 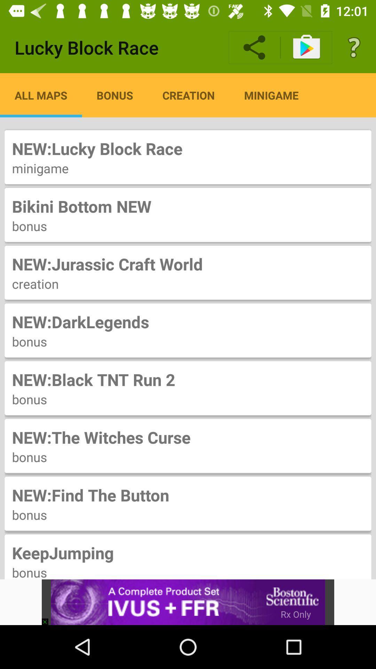 What do you see at coordinates (41, 95) in the screenshot?
I see `app to the left of the bonus item` at bounding box center [41, 95].